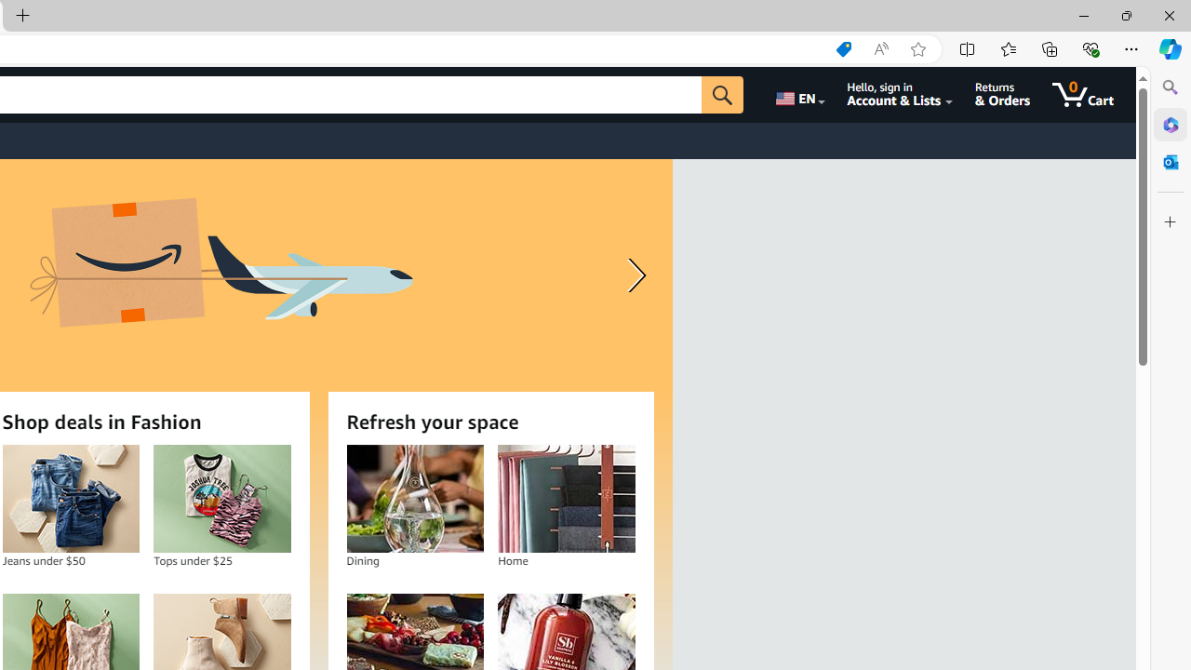 The image size is (1191, 670). I want to click on 'Shopping in Microsoft Edge', so click(842, 48).